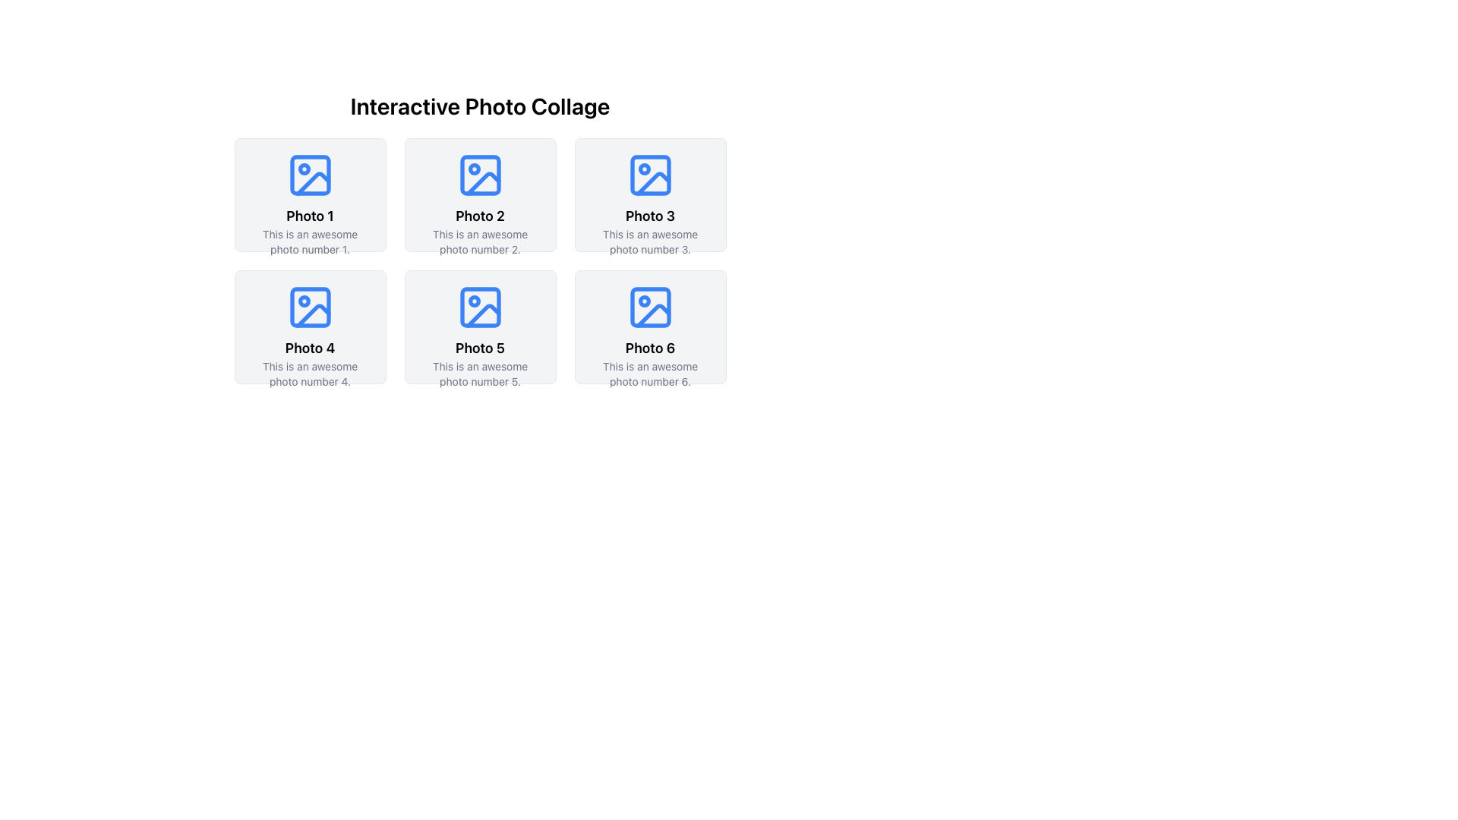 The width and height of the screenshot is (1458, 820). What do you see at coordinates (650, 326) in the screenshot?
I see `the button that triggers a zoom or focus action on the photo in the grid labeled 'Photo 6'` at bounding box center [650, 326].